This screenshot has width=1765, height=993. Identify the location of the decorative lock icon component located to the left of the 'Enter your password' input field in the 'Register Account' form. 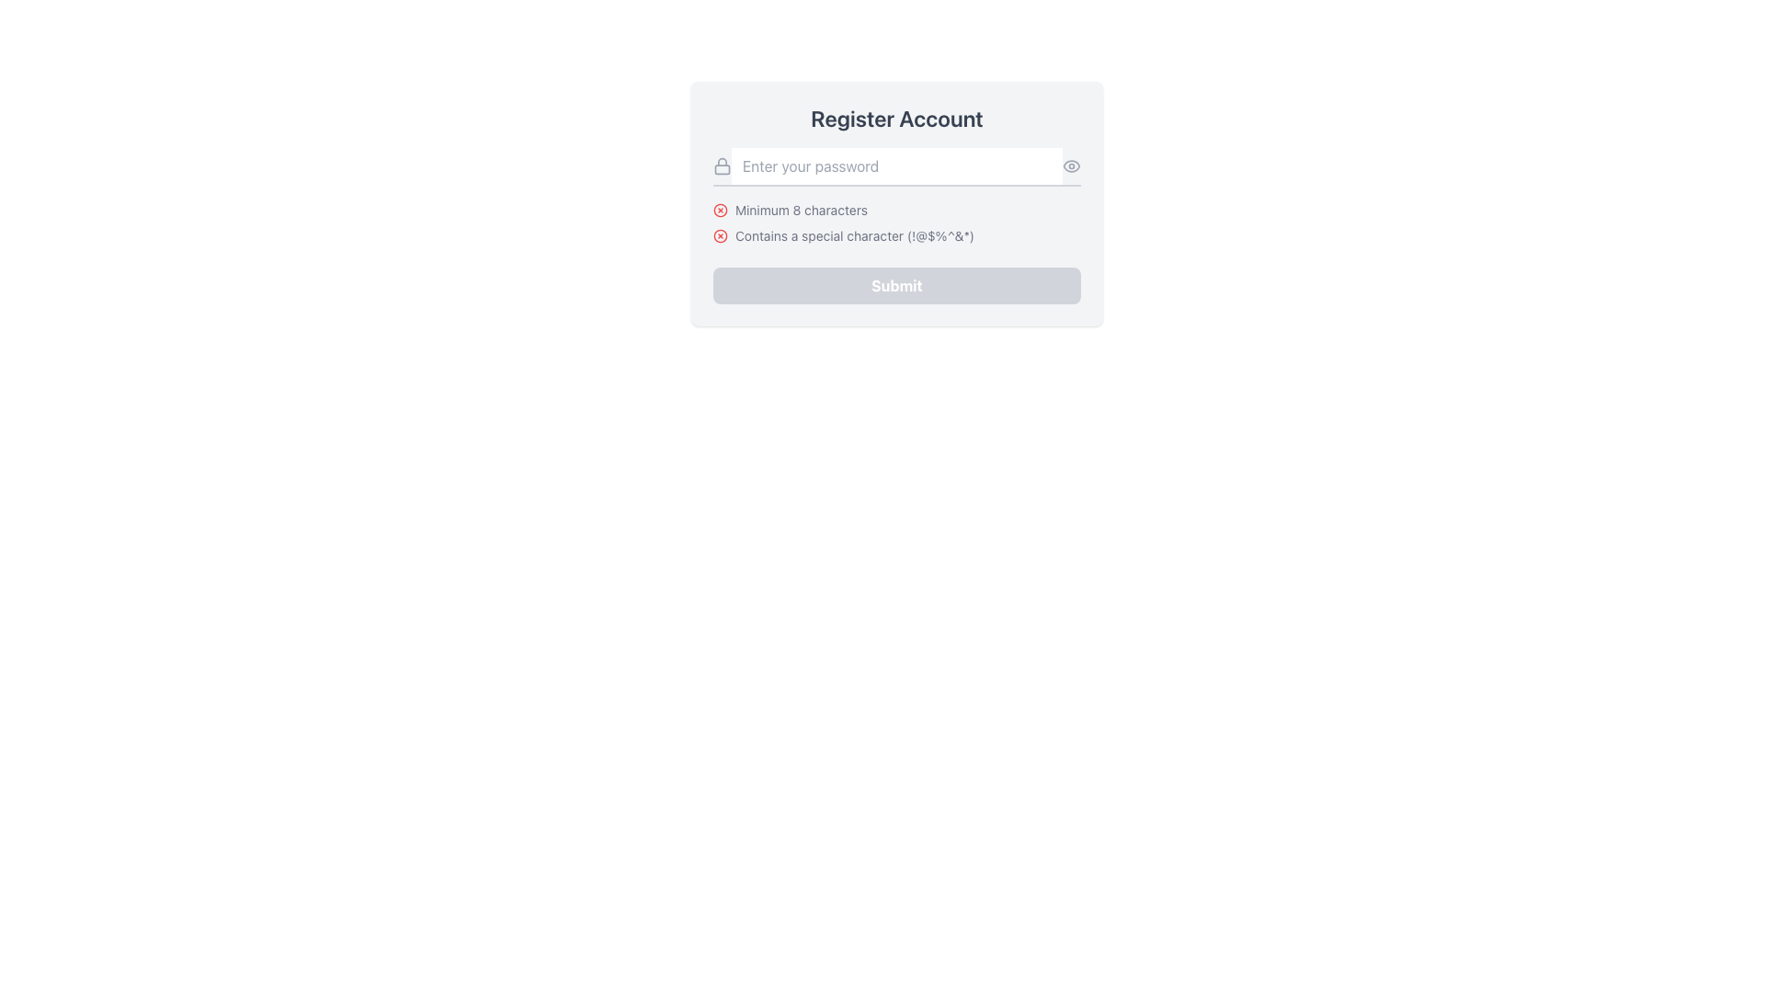
(722, 169).